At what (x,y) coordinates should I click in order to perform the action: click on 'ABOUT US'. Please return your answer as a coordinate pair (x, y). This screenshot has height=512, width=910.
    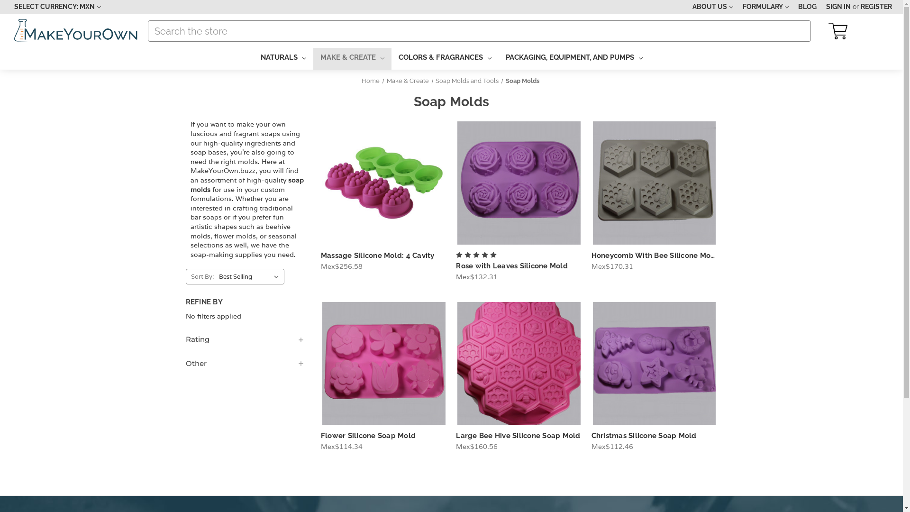
    Looking at the image, I should click on (712, 7).